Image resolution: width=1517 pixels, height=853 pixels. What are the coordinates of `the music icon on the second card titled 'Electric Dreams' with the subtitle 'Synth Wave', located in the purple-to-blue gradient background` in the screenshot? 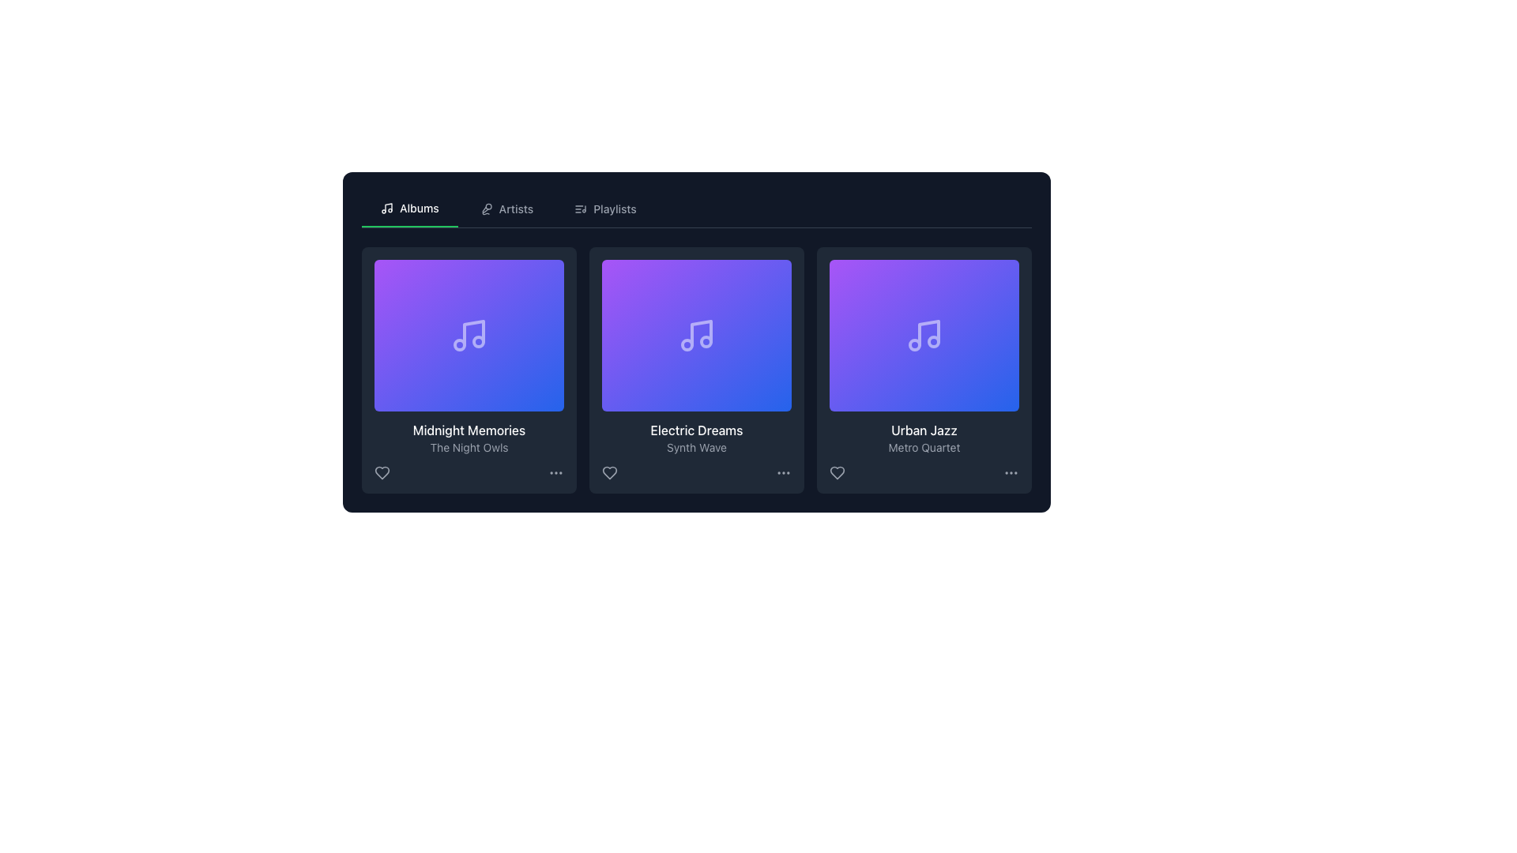 It's located at (696, 334).